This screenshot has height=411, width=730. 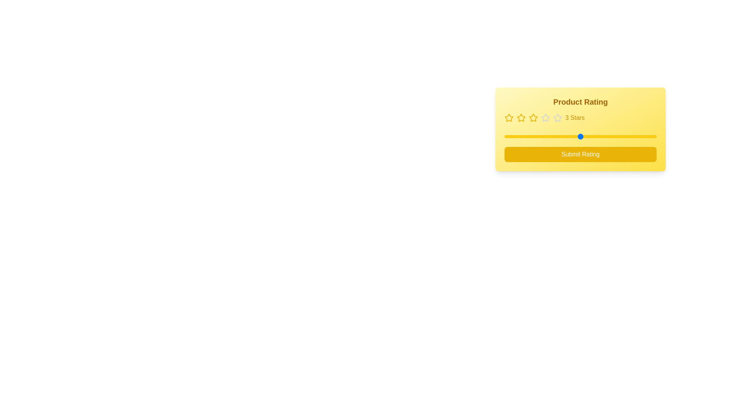 I want to click on the first star icon, so click(x=509, y=117).